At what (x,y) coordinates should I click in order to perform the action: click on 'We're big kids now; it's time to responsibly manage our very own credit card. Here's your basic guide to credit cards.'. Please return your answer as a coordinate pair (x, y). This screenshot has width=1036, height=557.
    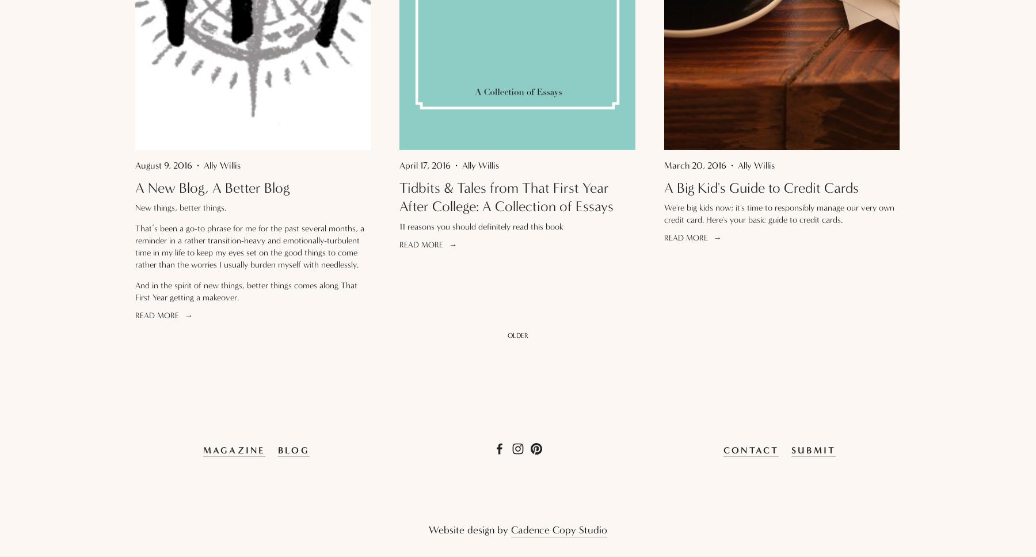
    Looking at the image, I should click on (778, 213).